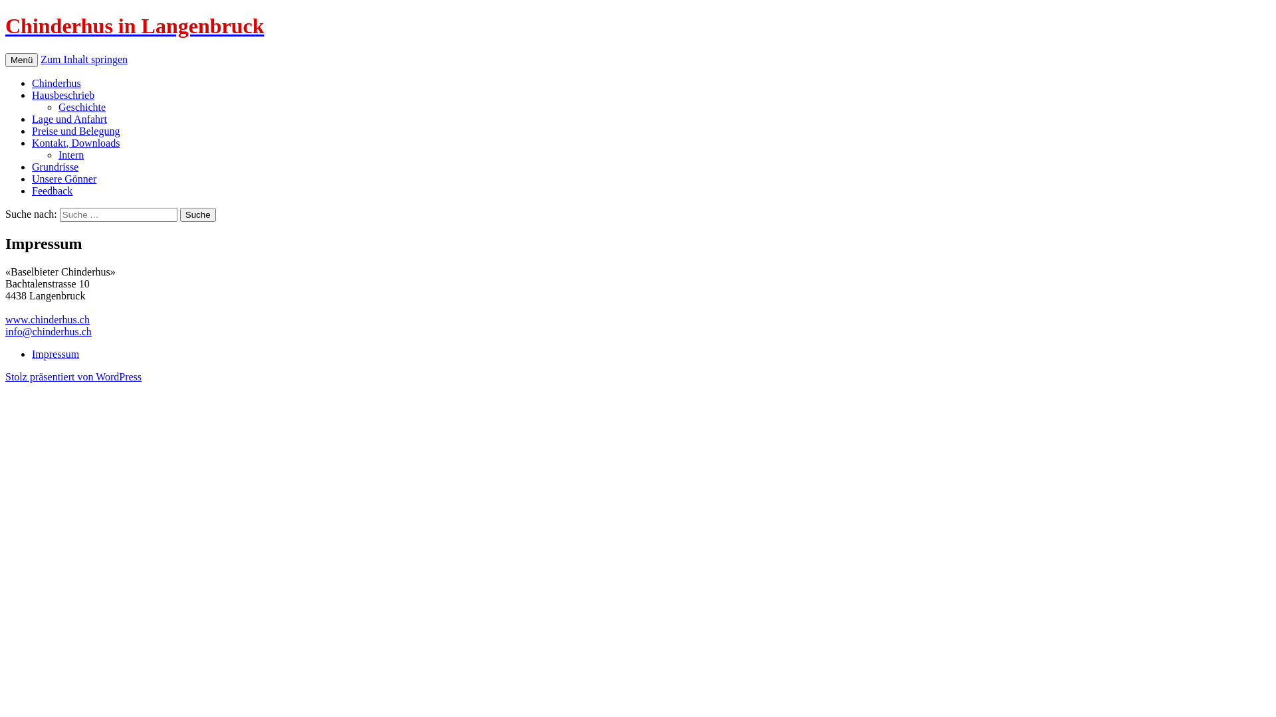 The width and height of the screenshot is (1276, 717). I want to click on 'Preise und Belegung', so click(75, 131).